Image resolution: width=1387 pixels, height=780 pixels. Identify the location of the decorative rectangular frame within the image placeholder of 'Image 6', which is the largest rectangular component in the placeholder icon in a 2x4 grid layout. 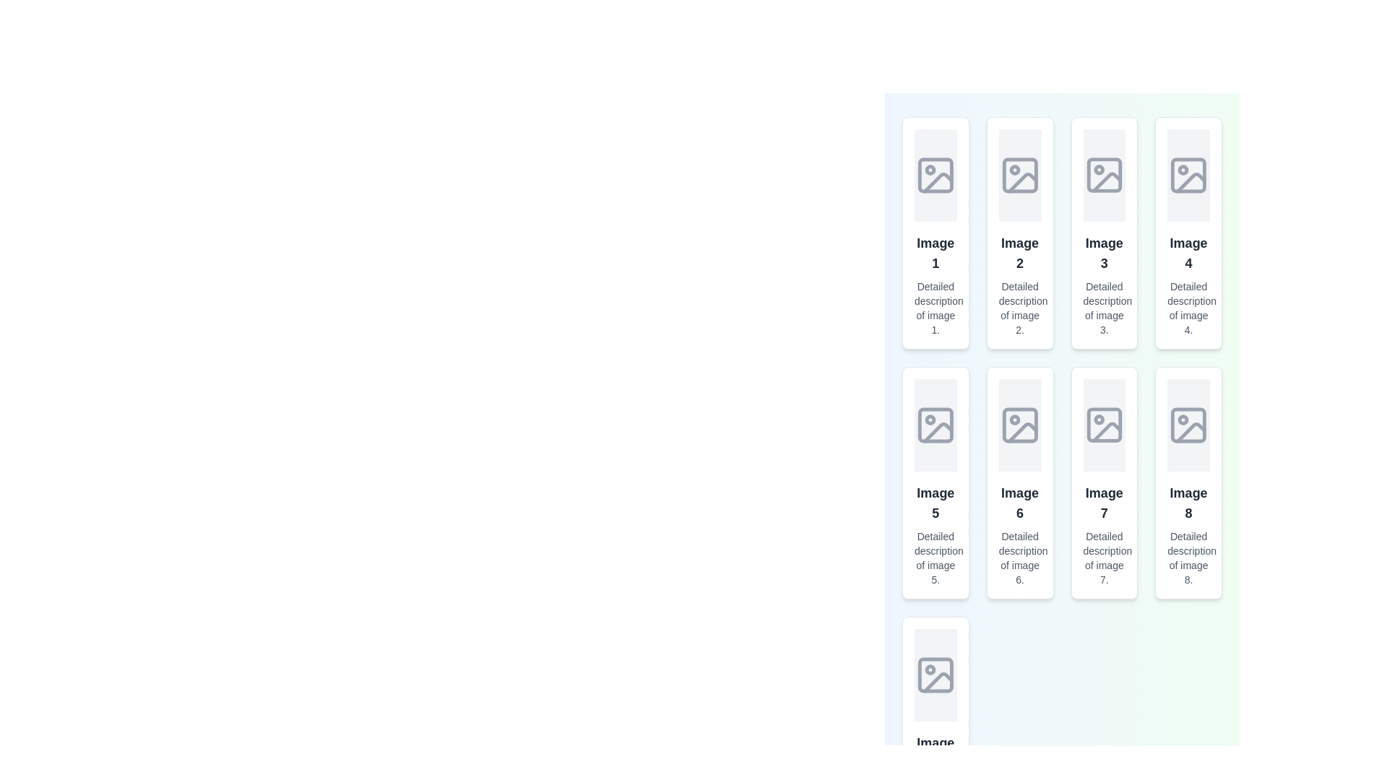
(1019, 425).